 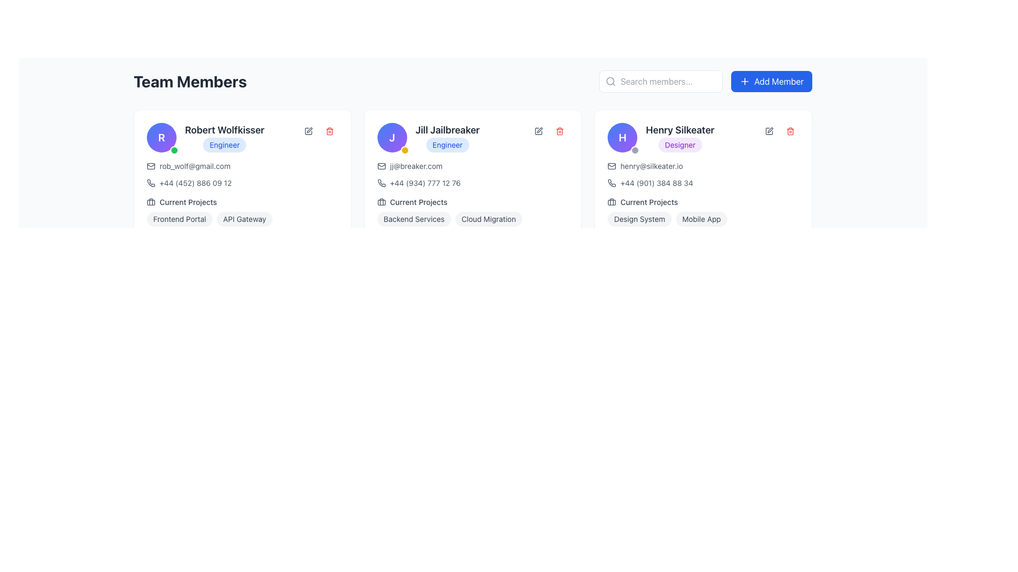 What do you see at coordinates (196, 183) in the screenshot?
I see `text content of the contact phone number label located under the email address field in the first profile card of the team members list` at bounding box center [196, 183].